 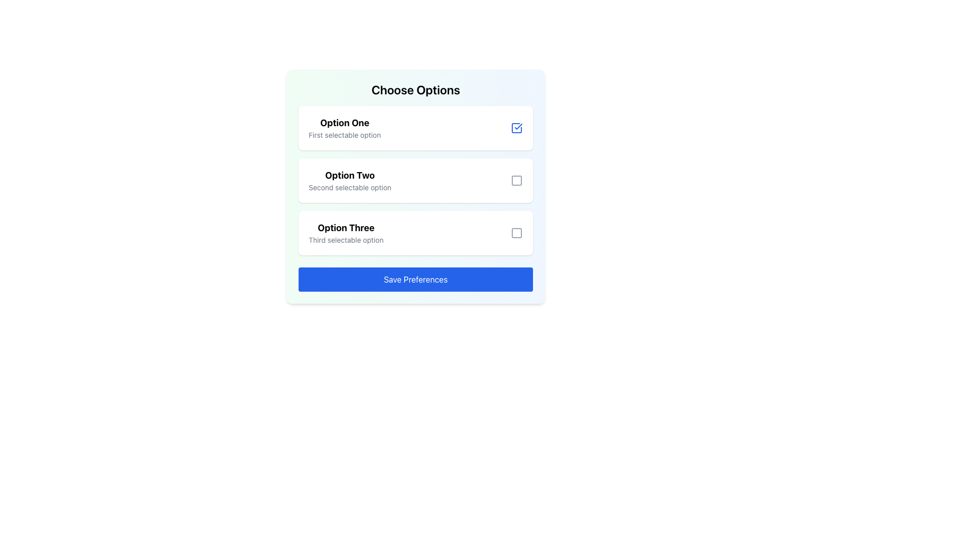 What do you see at coordinates (345, 122) in the screenshot?
I see `the bold black text label reading 'Option One' which is the first option in a vertical list of options inside a rectangular card with a white background` at bounding box center [345, 122].